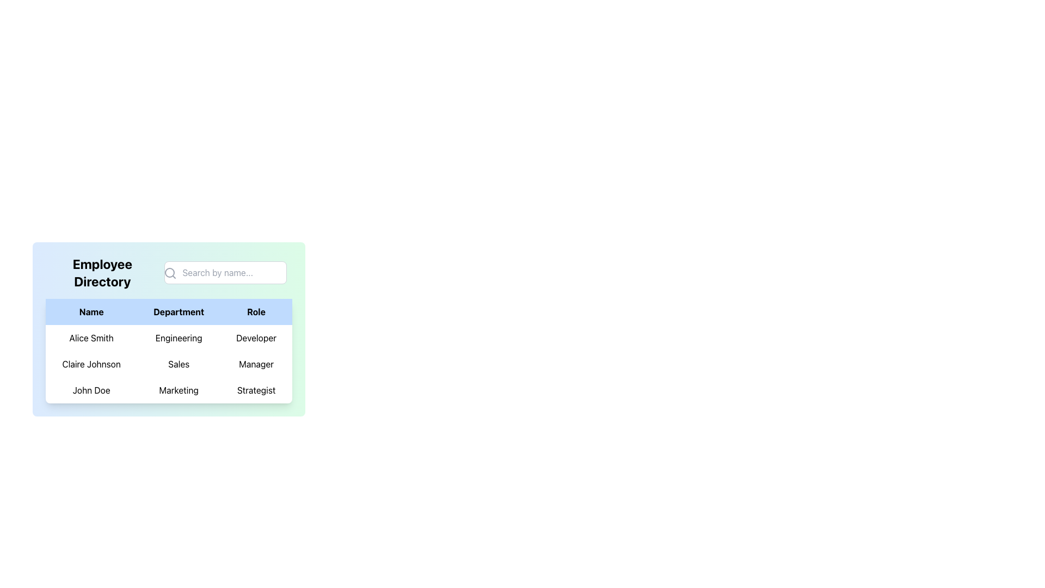  I want to click on the centered static text label displaying 'Sales', so click(179, 364).